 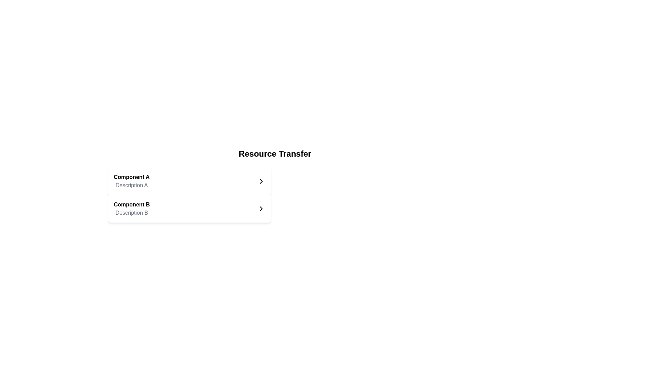 What do you see at coordinates (132, 213) in the screenshot?
I see `the text label displaying 'Description B' in light gray color, located directly below 'Component B'` at bounding box center [132, 213].